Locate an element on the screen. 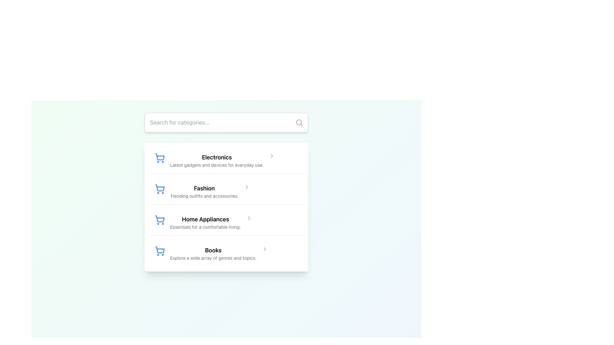 The width and height of the screenshot is (614, 345). the Home Appliances category icon located on the left side of the list is located at coordinates (160, 218).